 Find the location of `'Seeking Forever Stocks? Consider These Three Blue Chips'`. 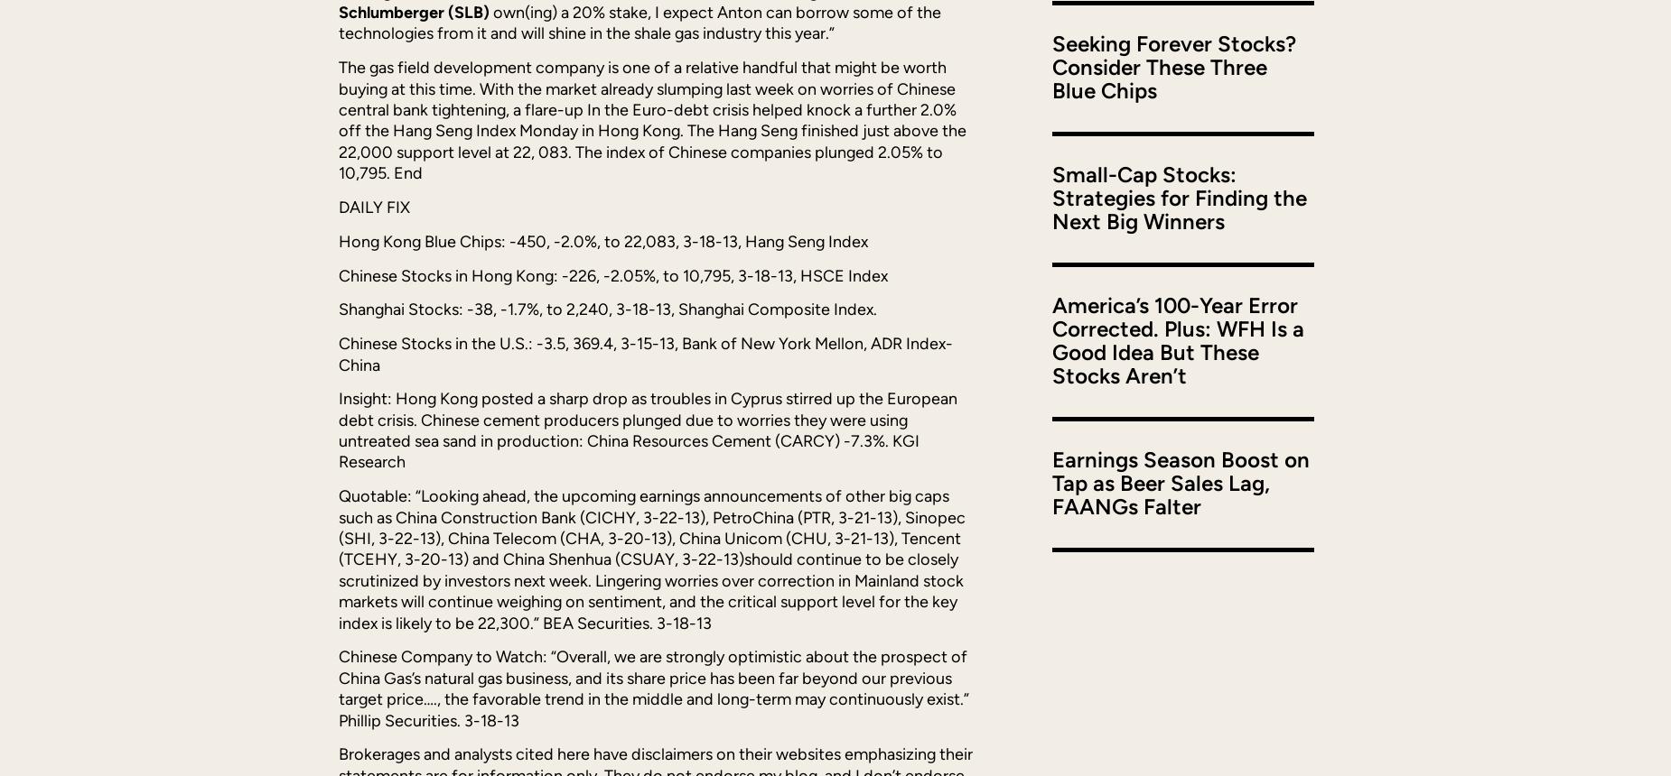

'Seeking Forever Stocks? Consider These Three Blue Chips' is located at coordinates (1172, 65).